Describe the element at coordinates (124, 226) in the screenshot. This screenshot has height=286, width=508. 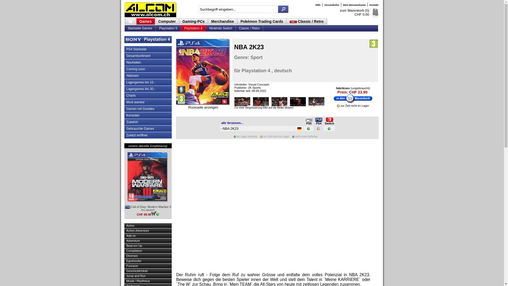
I see `'Action'` at that location.